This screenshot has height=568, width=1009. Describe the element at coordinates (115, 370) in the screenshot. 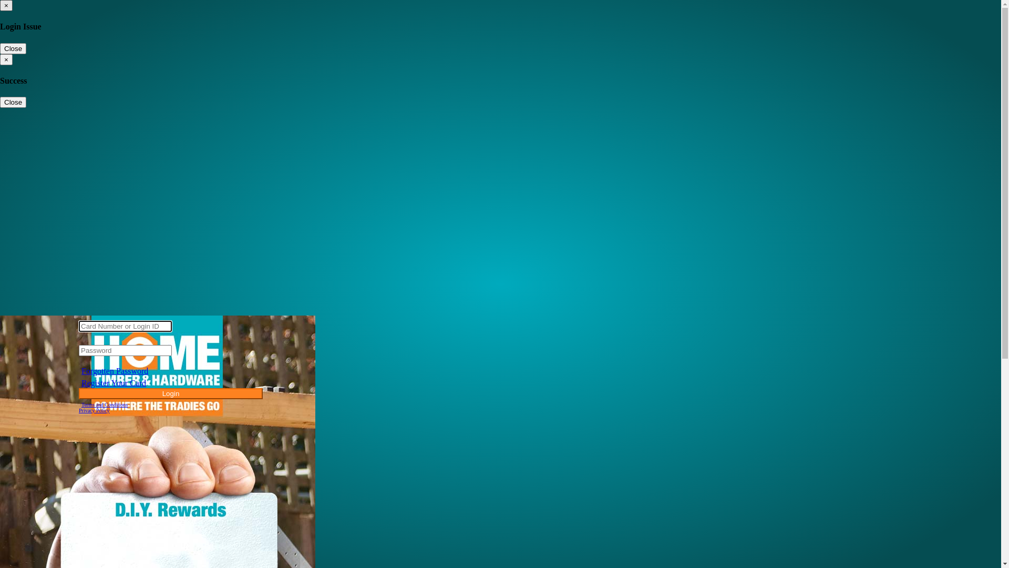

I see `'Forgotten Password'` at that location.